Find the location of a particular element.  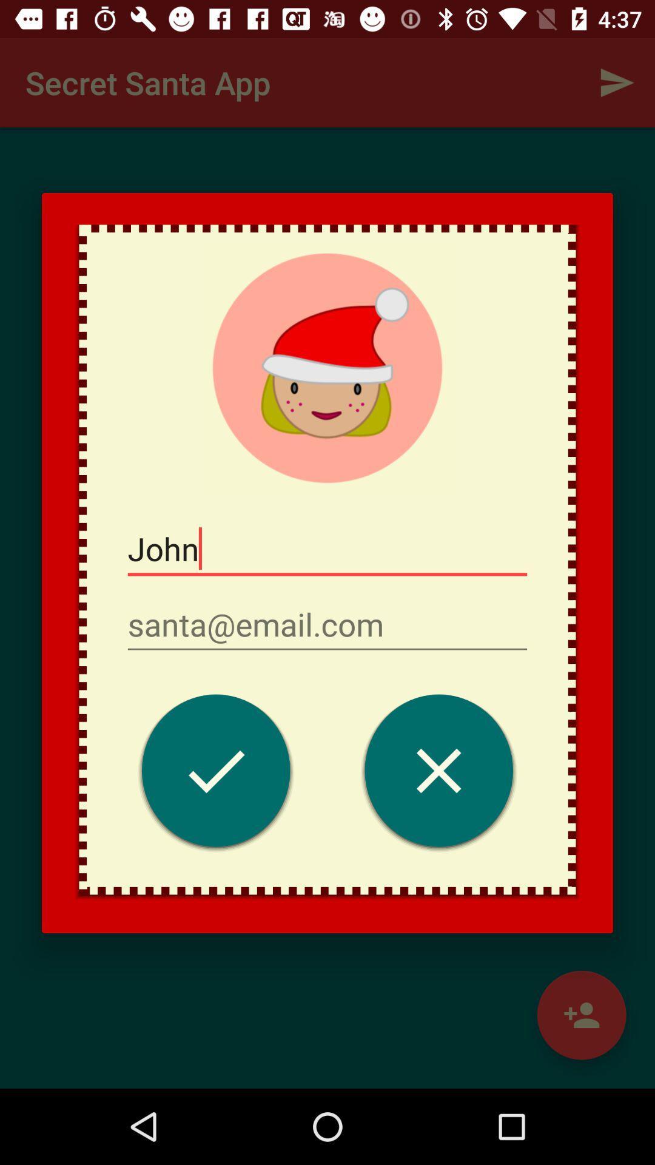

save is located at coordinates (215, 773).